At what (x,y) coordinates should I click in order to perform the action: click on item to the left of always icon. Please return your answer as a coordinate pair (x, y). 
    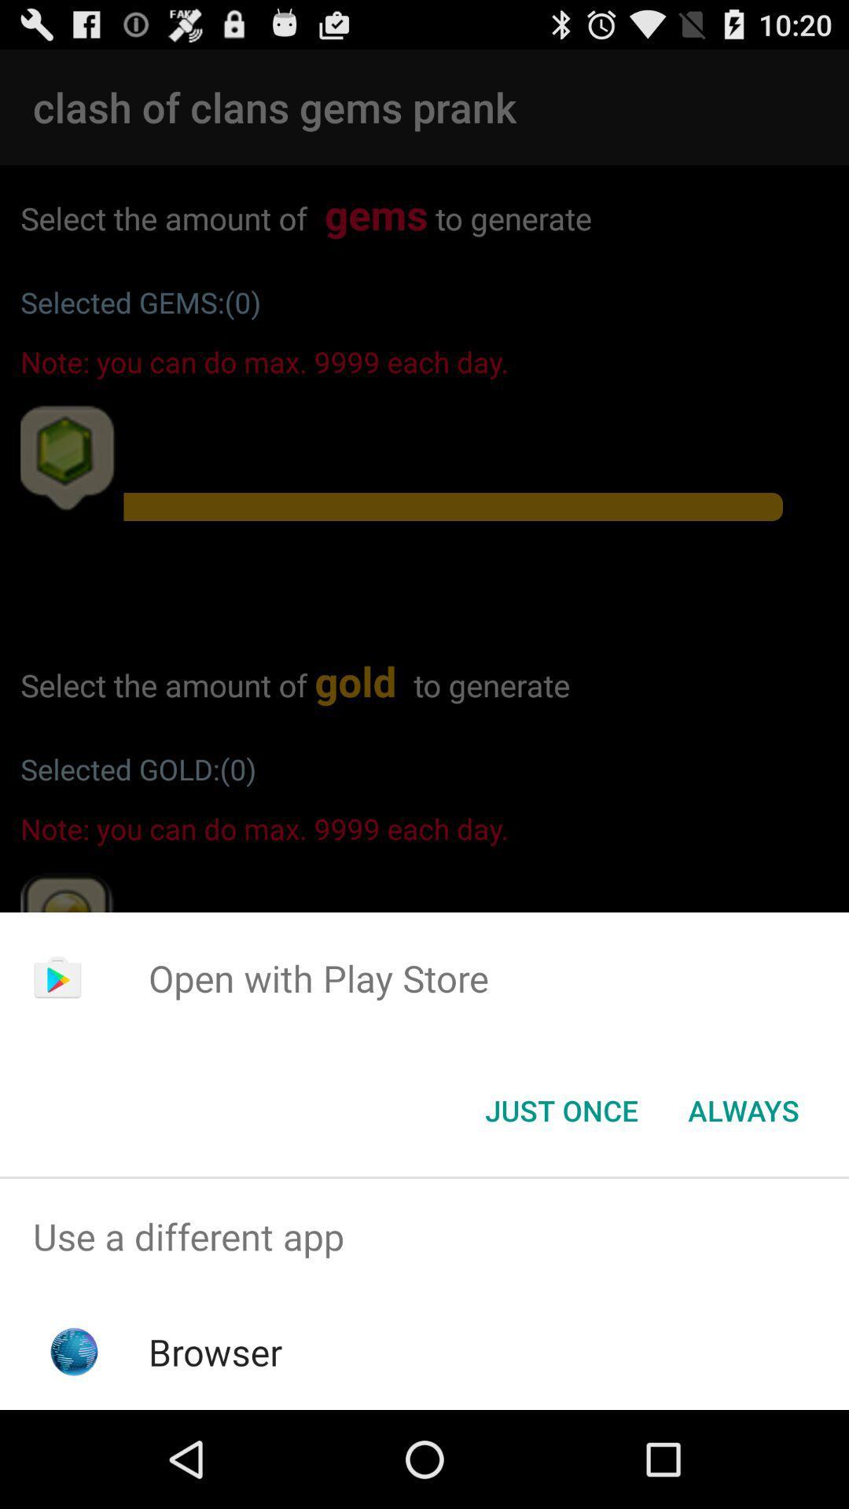
    Looking at the image, I should click on (560, 1109).